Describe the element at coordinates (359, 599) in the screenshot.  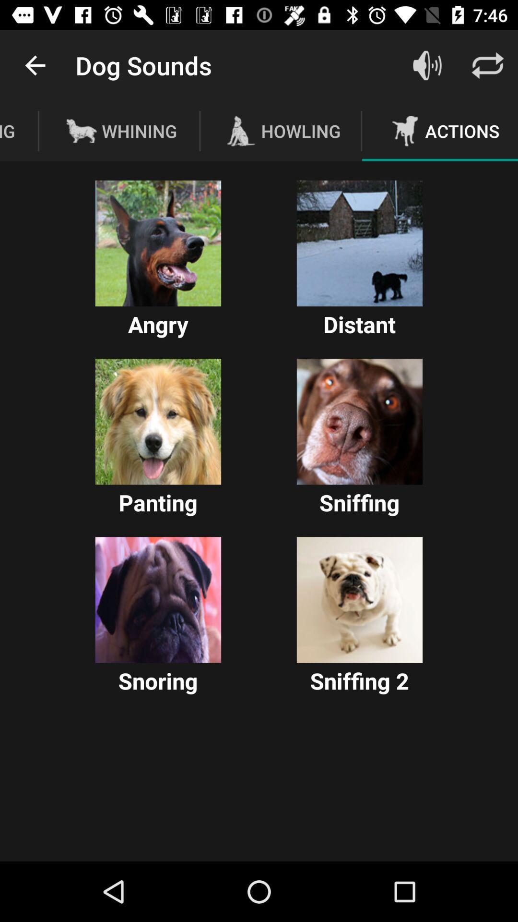
I see `the image above sniffing 2` at that location.